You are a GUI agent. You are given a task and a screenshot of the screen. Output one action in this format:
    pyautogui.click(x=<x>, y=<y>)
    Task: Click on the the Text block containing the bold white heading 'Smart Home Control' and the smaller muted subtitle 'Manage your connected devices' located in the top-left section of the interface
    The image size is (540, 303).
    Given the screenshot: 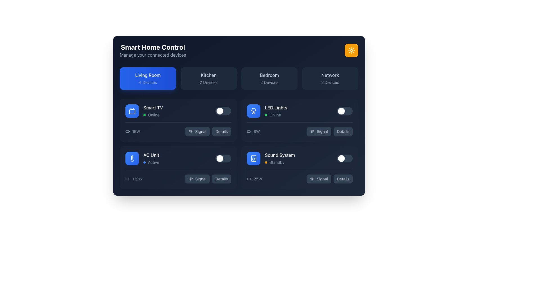 What is the action you would take?
    pyautogui.click(x=153, y=50)
    